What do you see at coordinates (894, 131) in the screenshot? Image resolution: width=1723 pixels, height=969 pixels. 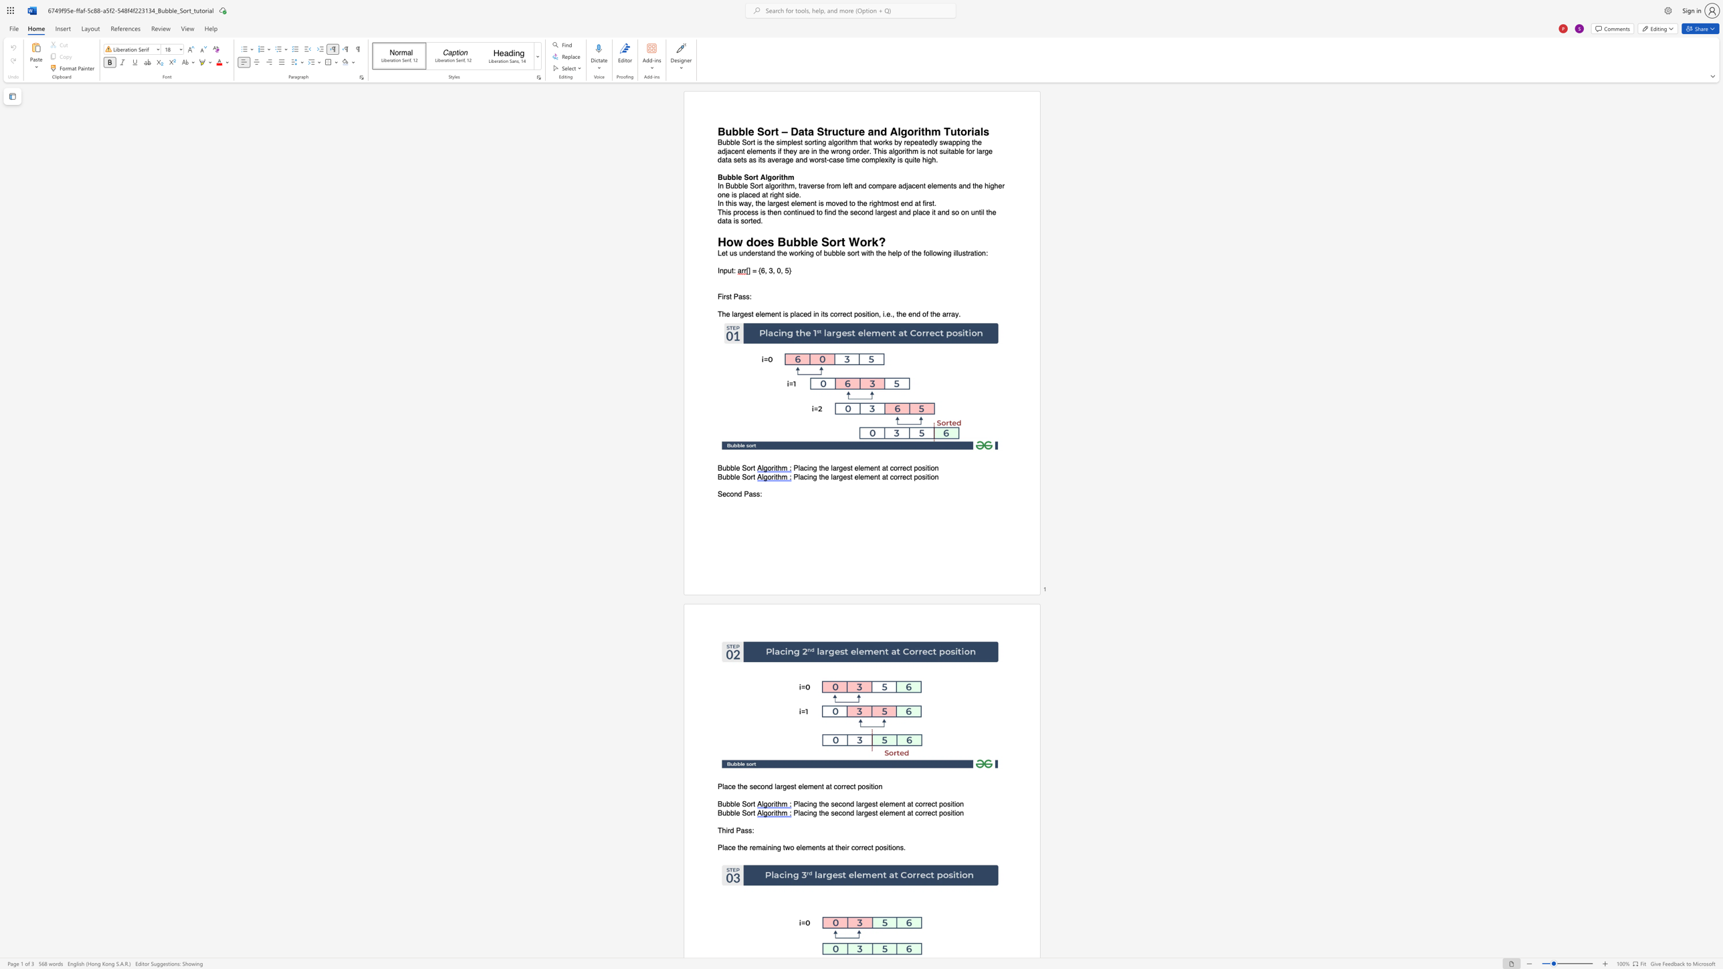 I see `the 1th character "A" in the text` at bounding box center [894, 131].